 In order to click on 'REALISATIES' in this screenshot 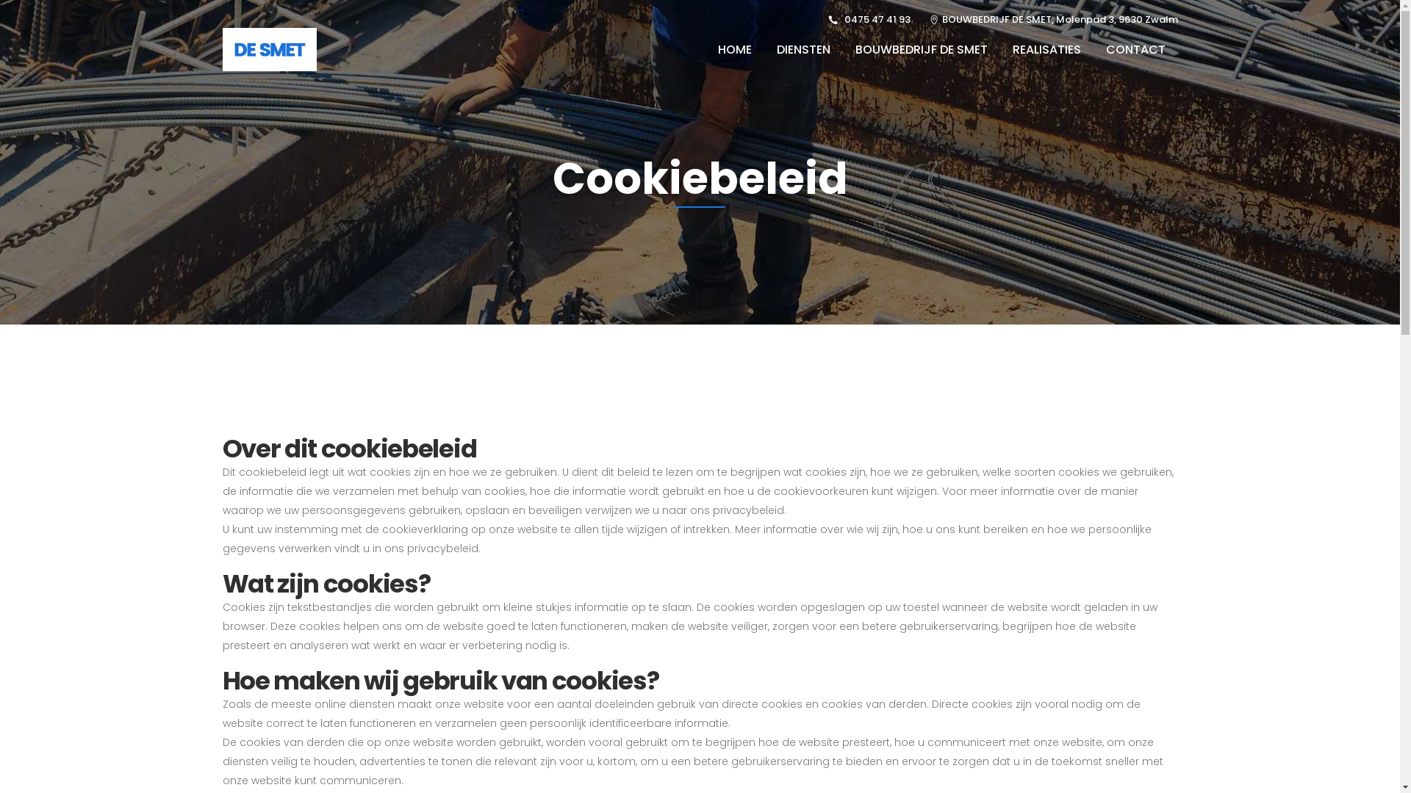, I will do `click(999, 48)`.